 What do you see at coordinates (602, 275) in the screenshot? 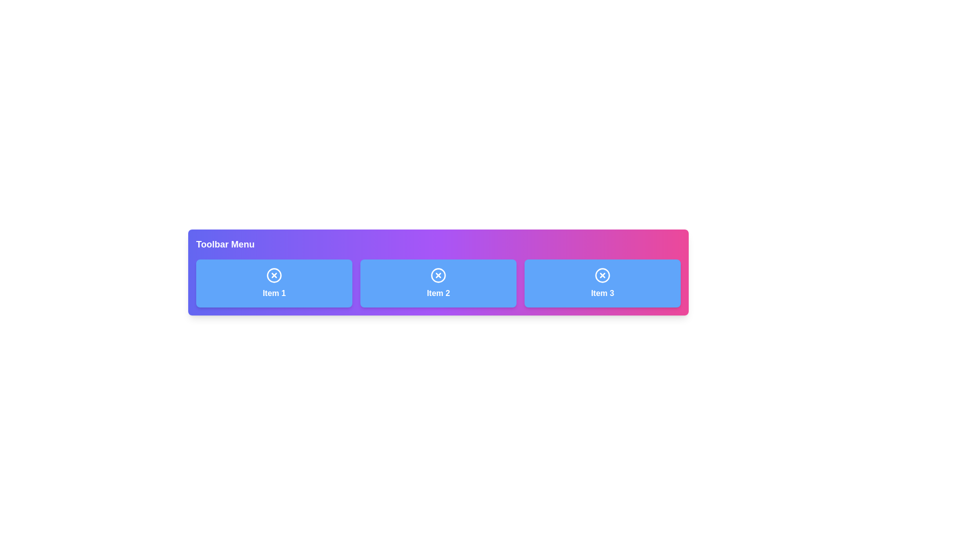
I see `the circular graphic icon with a white-bordered circle containing a white 'x', located in the 'Item 3' section of the toolbar` at bounding box center [602, 275].